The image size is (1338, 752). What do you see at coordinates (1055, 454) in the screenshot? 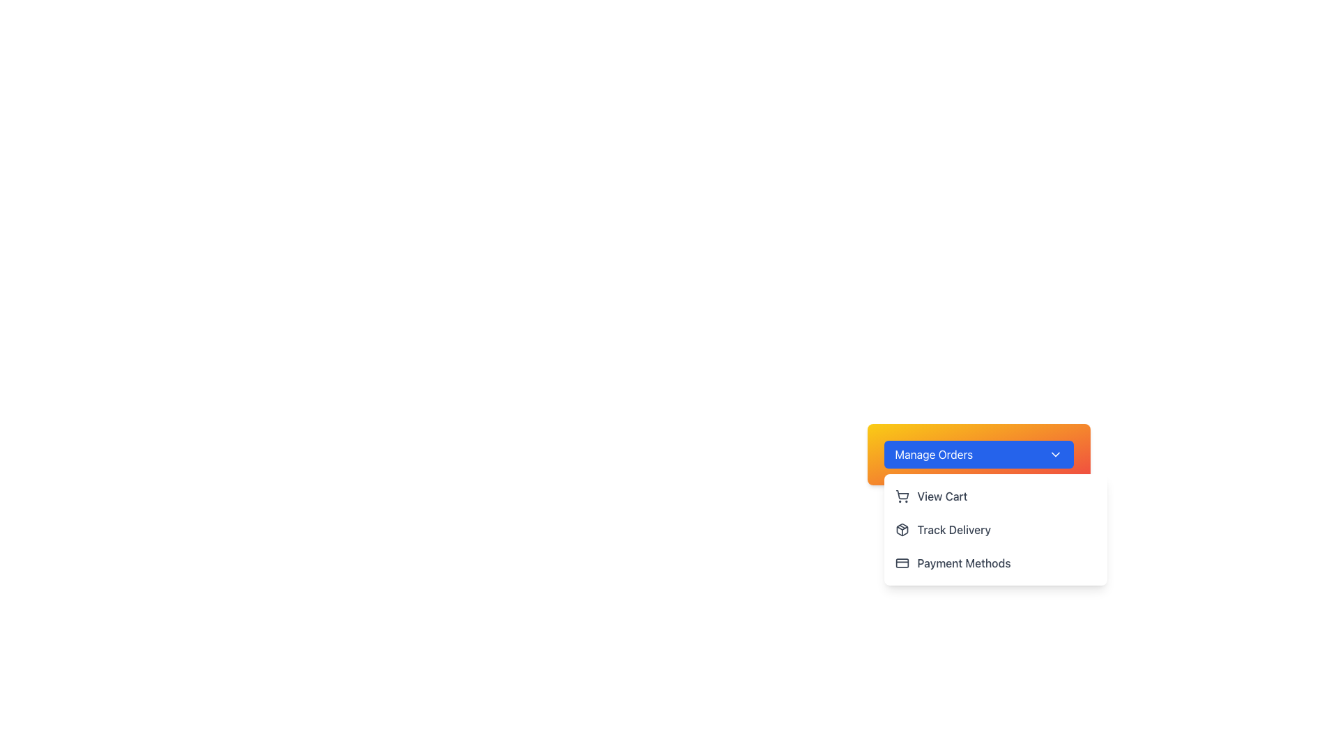
I see `the downward-facing chevron icon located on the right side of the 'Manage Orders' button` at bounding box center [1055, 454].